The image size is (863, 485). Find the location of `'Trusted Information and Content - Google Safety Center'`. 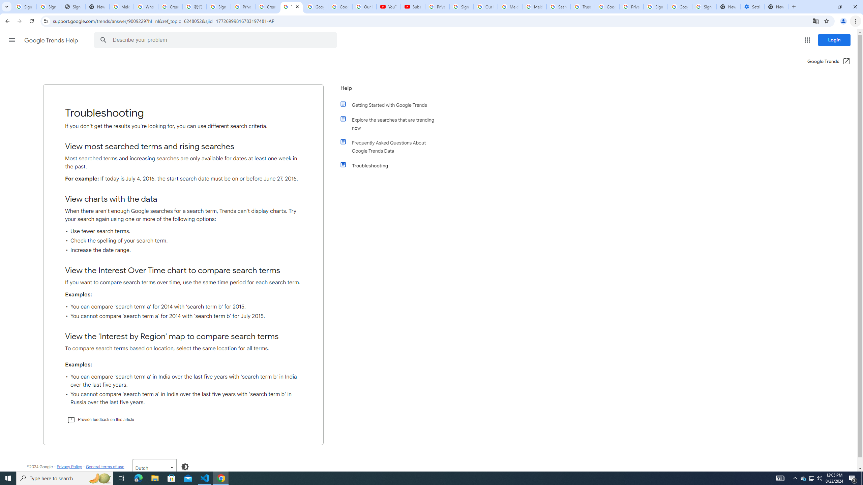

'Trusted Information and Content - Google Safety Center' is located at coordinates (583, 6).